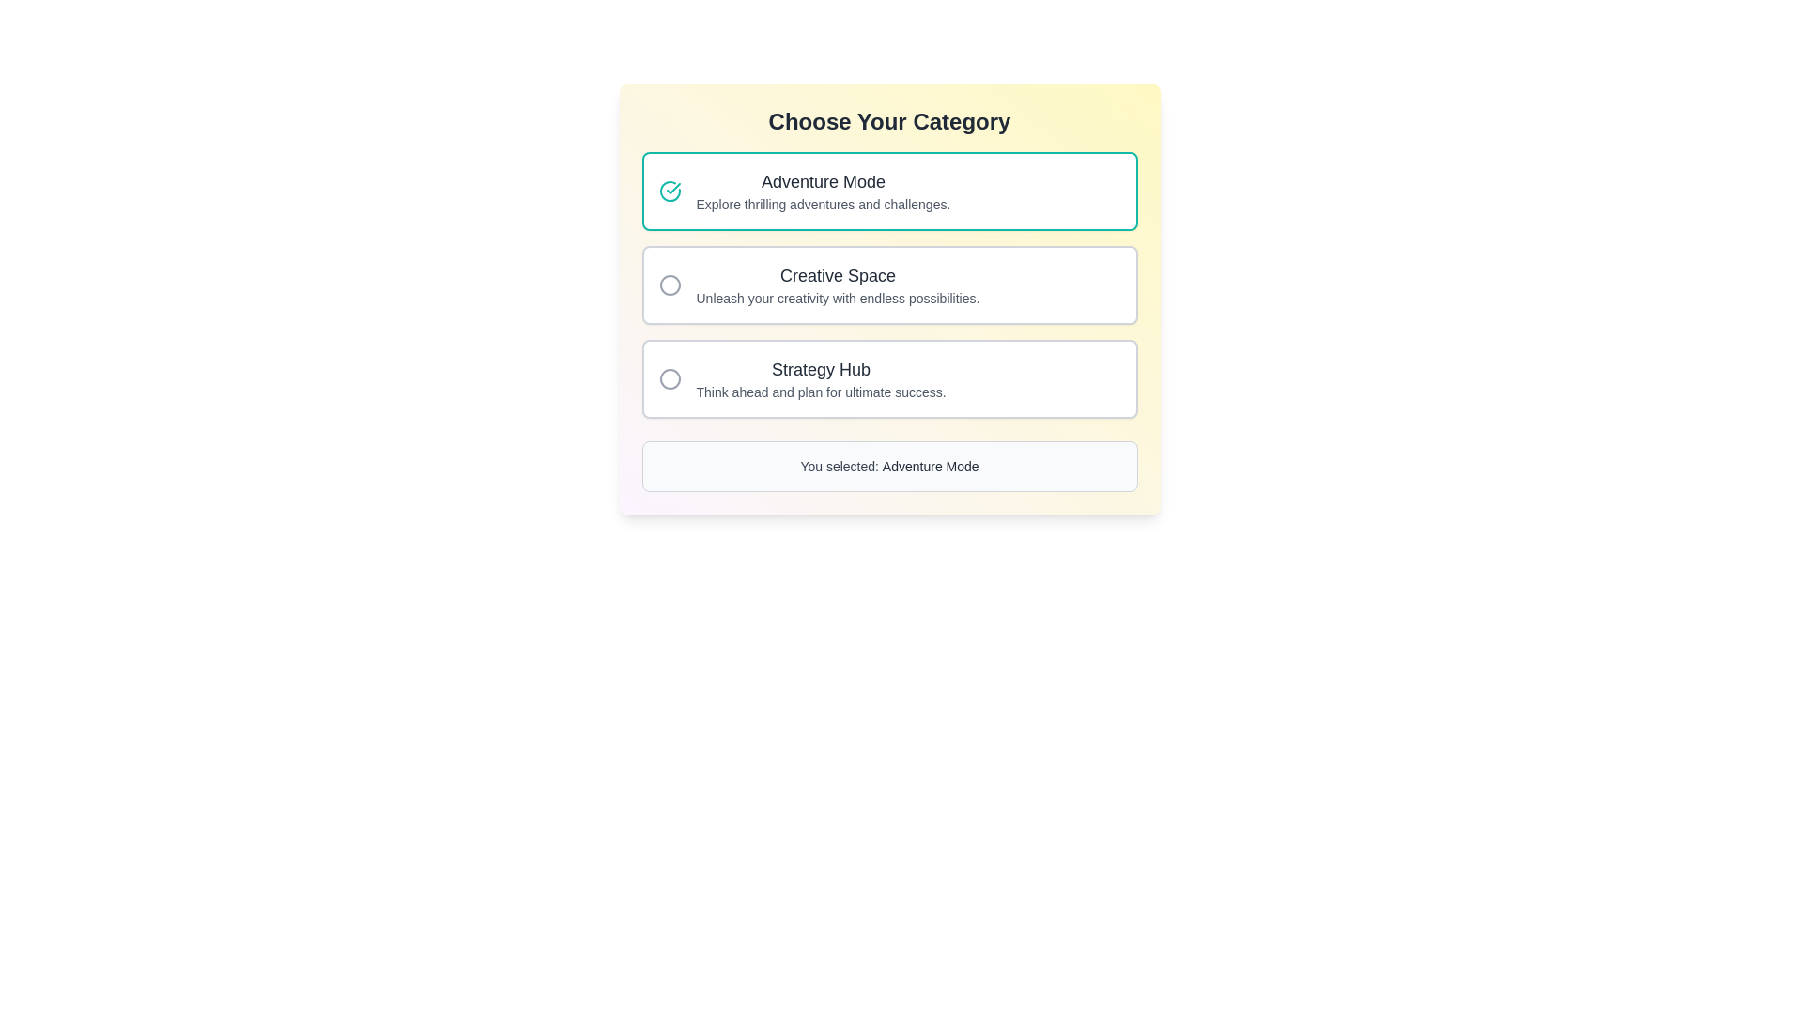 The image size is (1803, 1014). I want to click on the text element reading 'Explore thrilling adventures and challenges.' which is styled in light gray and located below the title 'Adventure Mode' in the bordered option box under 'Choose Your Category', so click(823, 205).